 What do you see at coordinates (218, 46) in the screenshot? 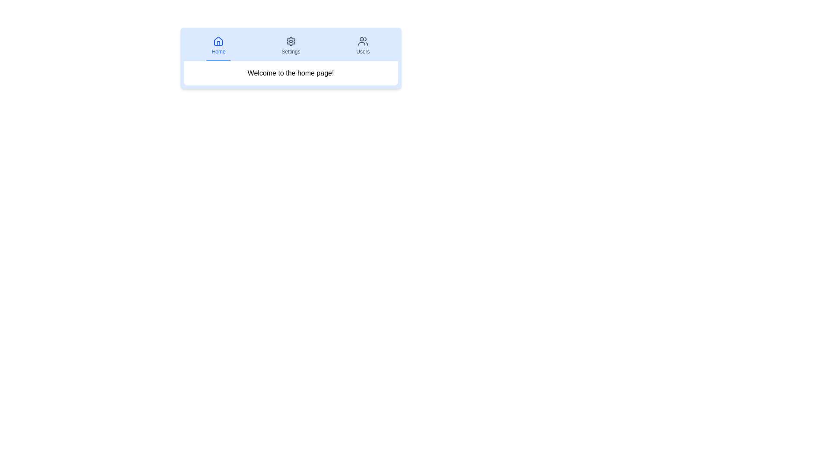
I see `the tab labeled Home to display its content` at bounding box center [218, 46].